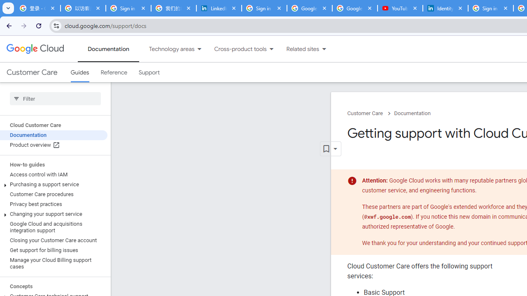  I want to click on 'Guides, selected', so click(79, 72).